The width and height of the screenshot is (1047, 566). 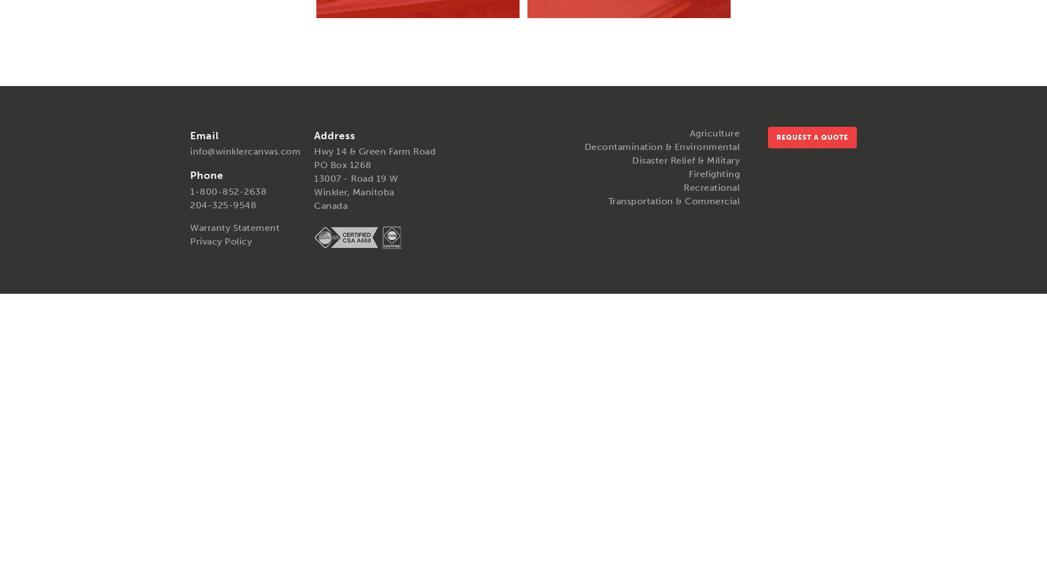 What do you see at coordinates (661, 146) in the screenshot?
I see `'Decontamination & Environmental'` at bounding box center [661, 146].